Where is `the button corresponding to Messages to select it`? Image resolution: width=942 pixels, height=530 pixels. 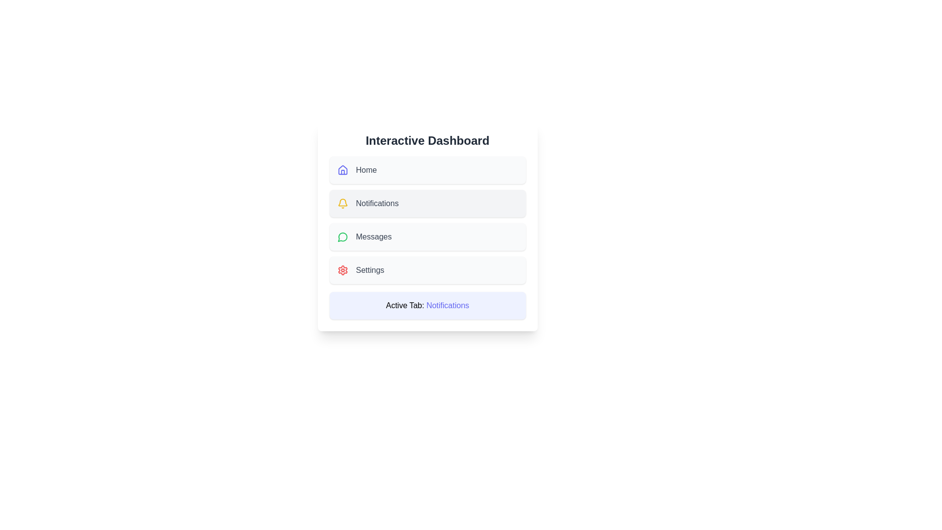
the button corresponding to Messages to select it is located at coordinates (427, 237).